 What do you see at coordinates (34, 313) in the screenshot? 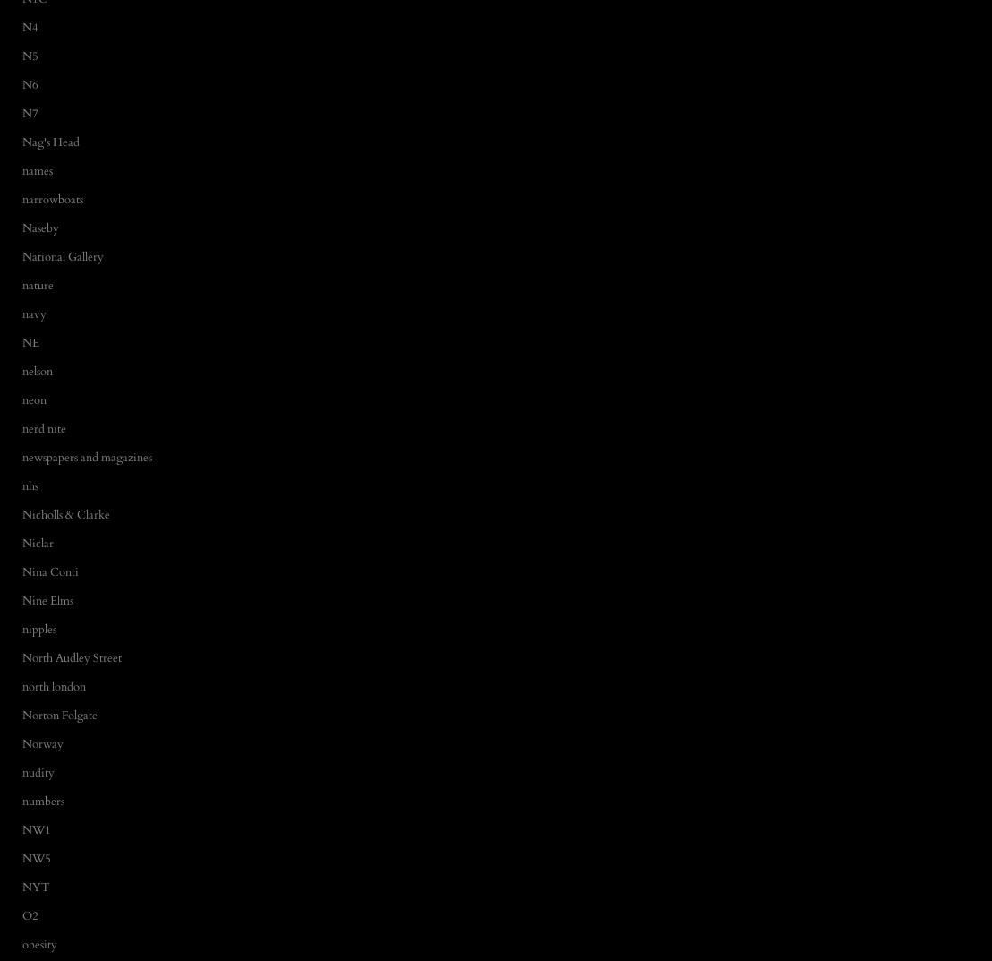
I see `'navy'` at bounding box center [34, 313].